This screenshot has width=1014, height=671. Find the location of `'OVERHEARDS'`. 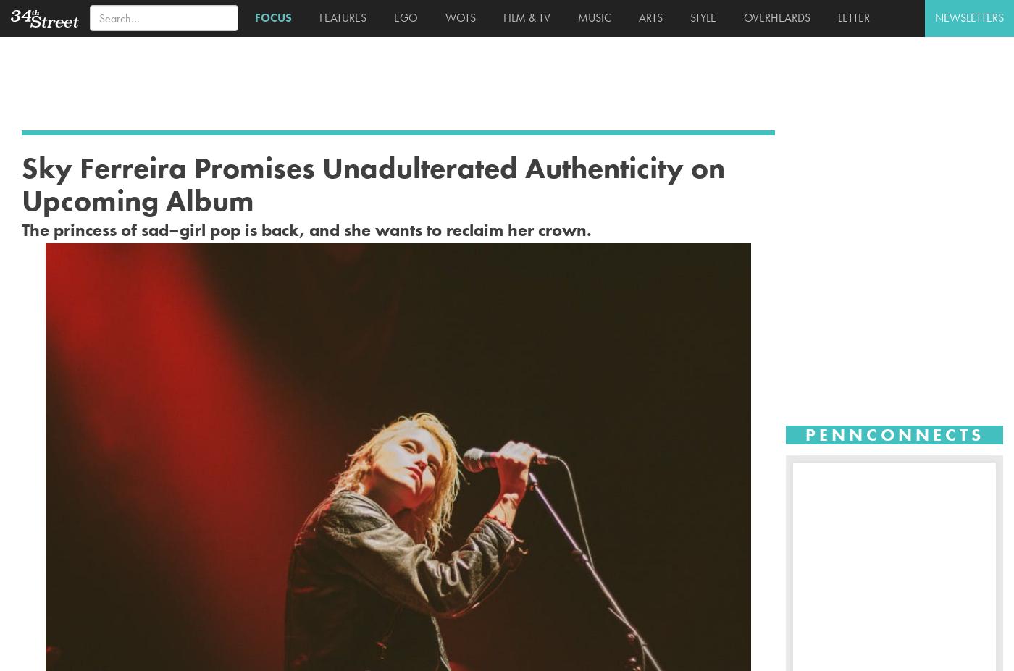

'OVERHEARDS' is located at coordinates (774, 17).